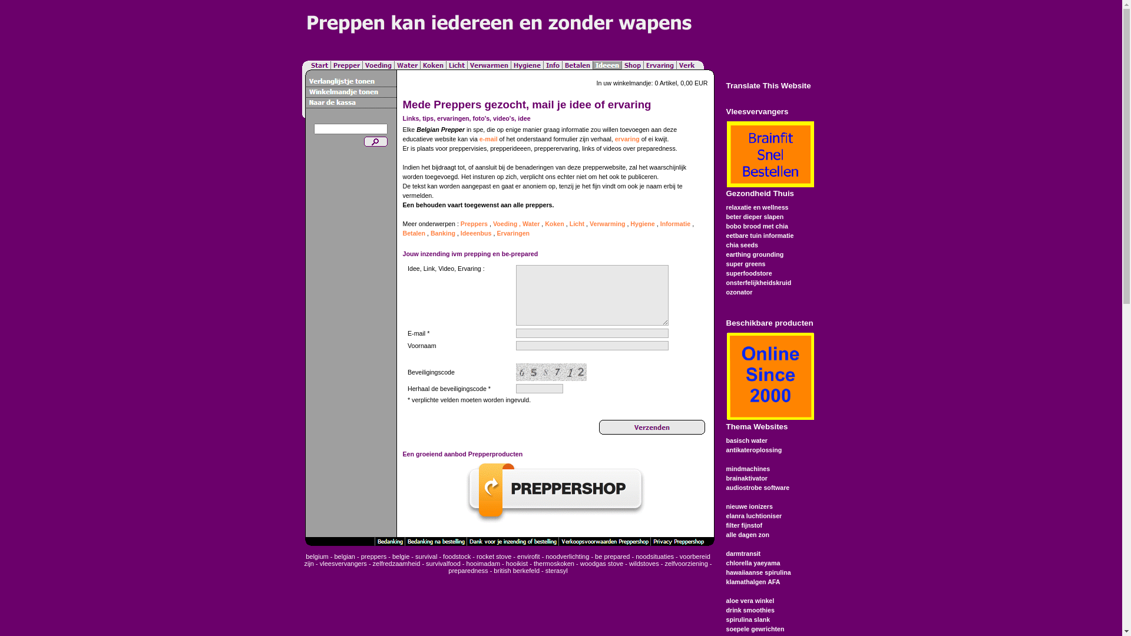 This screenshot has width=1131, height=636. I want to click on 'audiostrobe software', so click(758, 488).